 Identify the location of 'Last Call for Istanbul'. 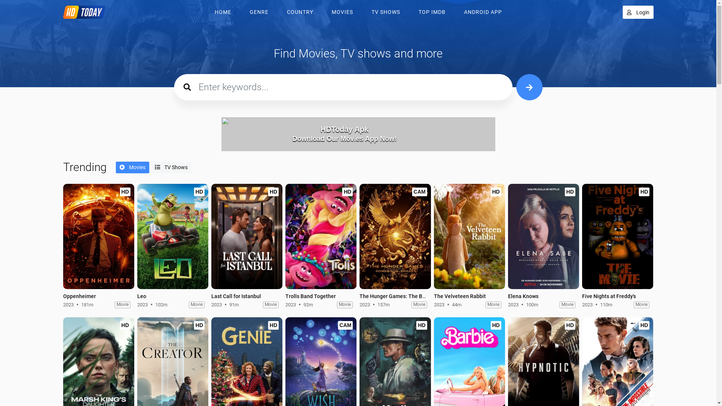
(236, 295).